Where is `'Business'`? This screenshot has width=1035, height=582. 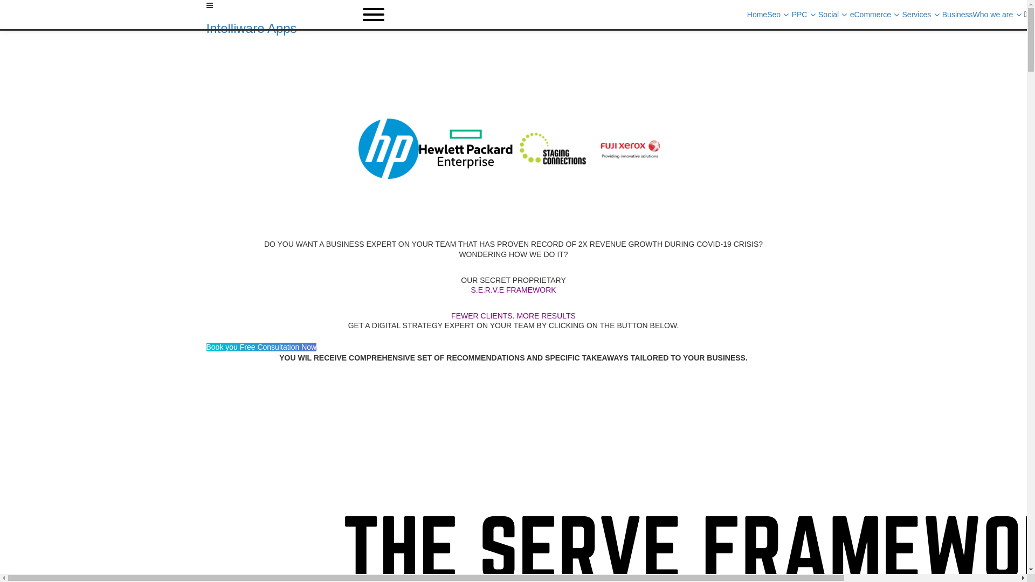 'Business' is located at coordinates (957, 15).